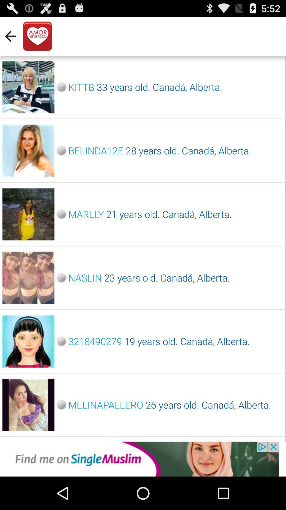  Describe the element at coordinates (143, 459) in the screenshot. I see `advertisements` at that location.